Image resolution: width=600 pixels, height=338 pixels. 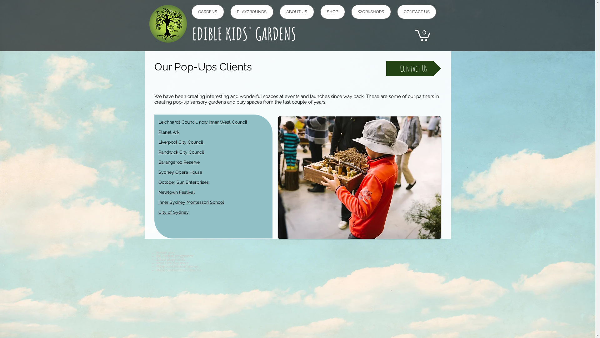 I want to click on 'logo_1.png', so click(x=168, y=23).